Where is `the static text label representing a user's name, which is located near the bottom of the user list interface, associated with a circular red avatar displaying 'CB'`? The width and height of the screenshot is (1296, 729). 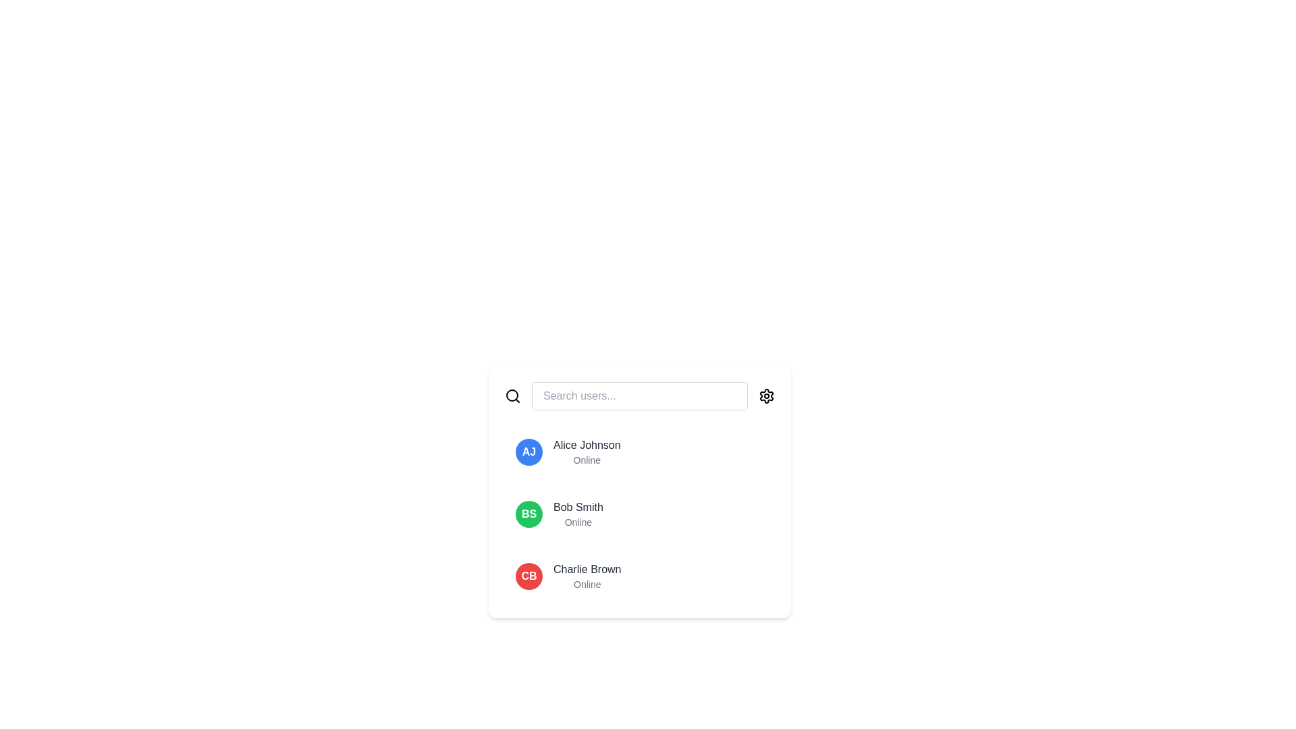 the static text label representing a user's name, which is located near the bottom of the user list interface, associated with a circular red avatar displaying 'CB' is located at coordinates (587, 570).